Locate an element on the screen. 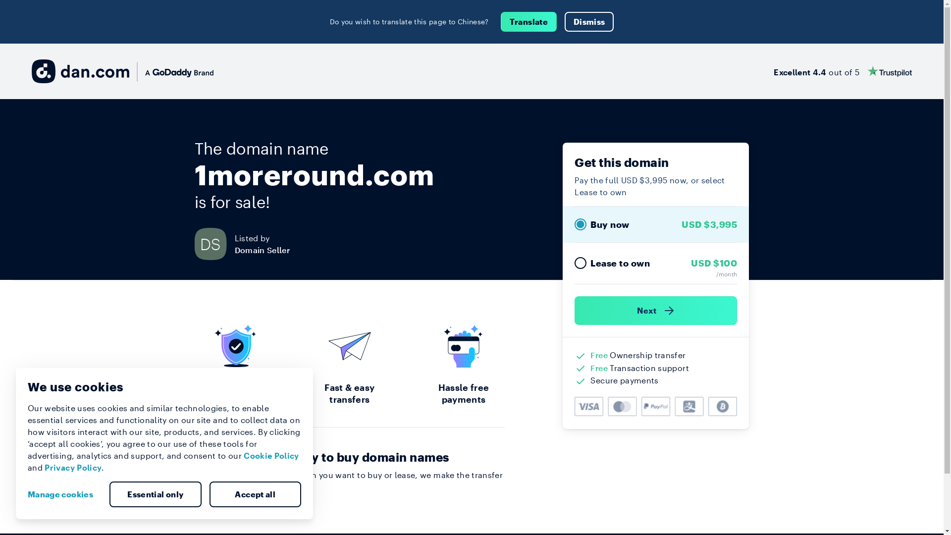  'Accept all' is located at coordinates (255, 494).